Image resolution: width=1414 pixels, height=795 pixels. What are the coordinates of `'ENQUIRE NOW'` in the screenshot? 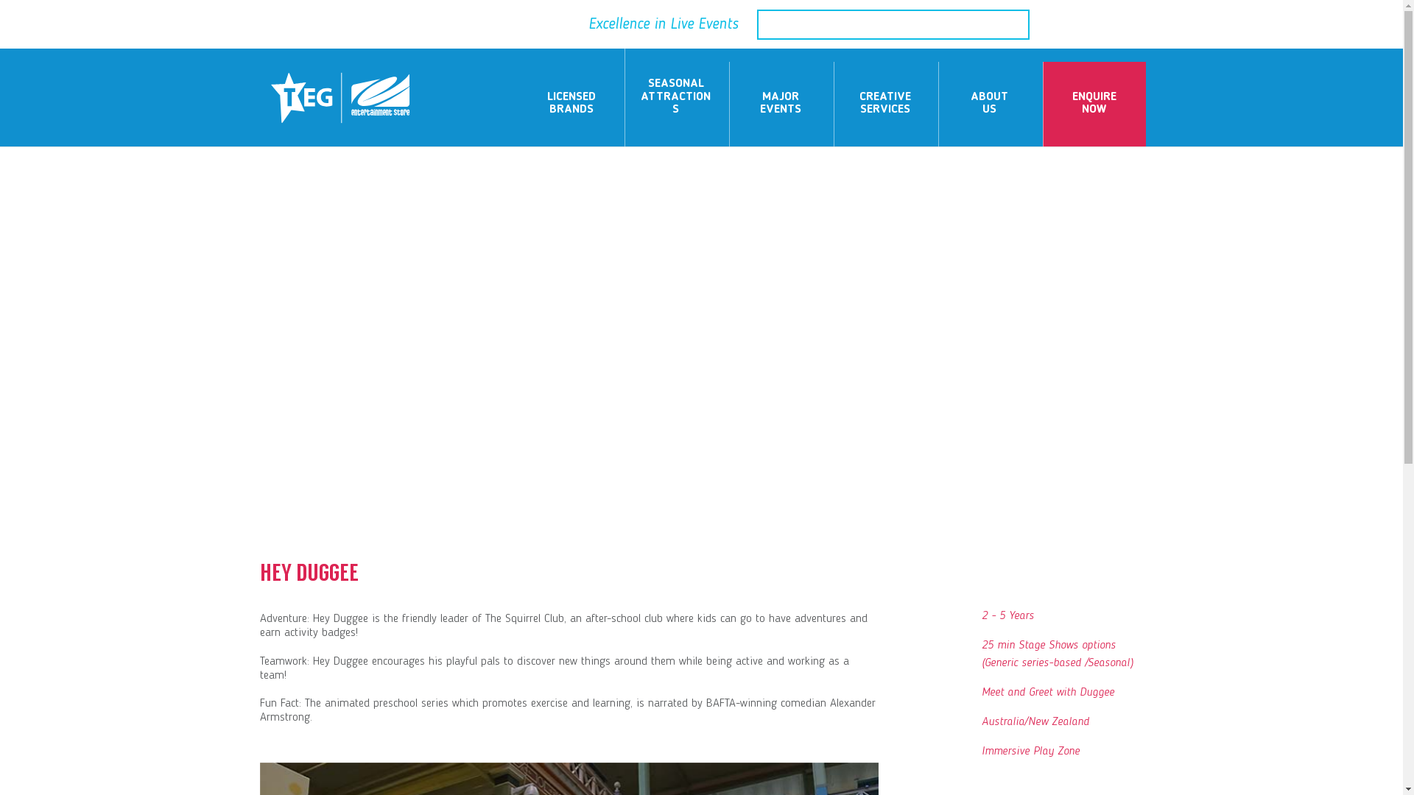 It's located at (1094, 103).